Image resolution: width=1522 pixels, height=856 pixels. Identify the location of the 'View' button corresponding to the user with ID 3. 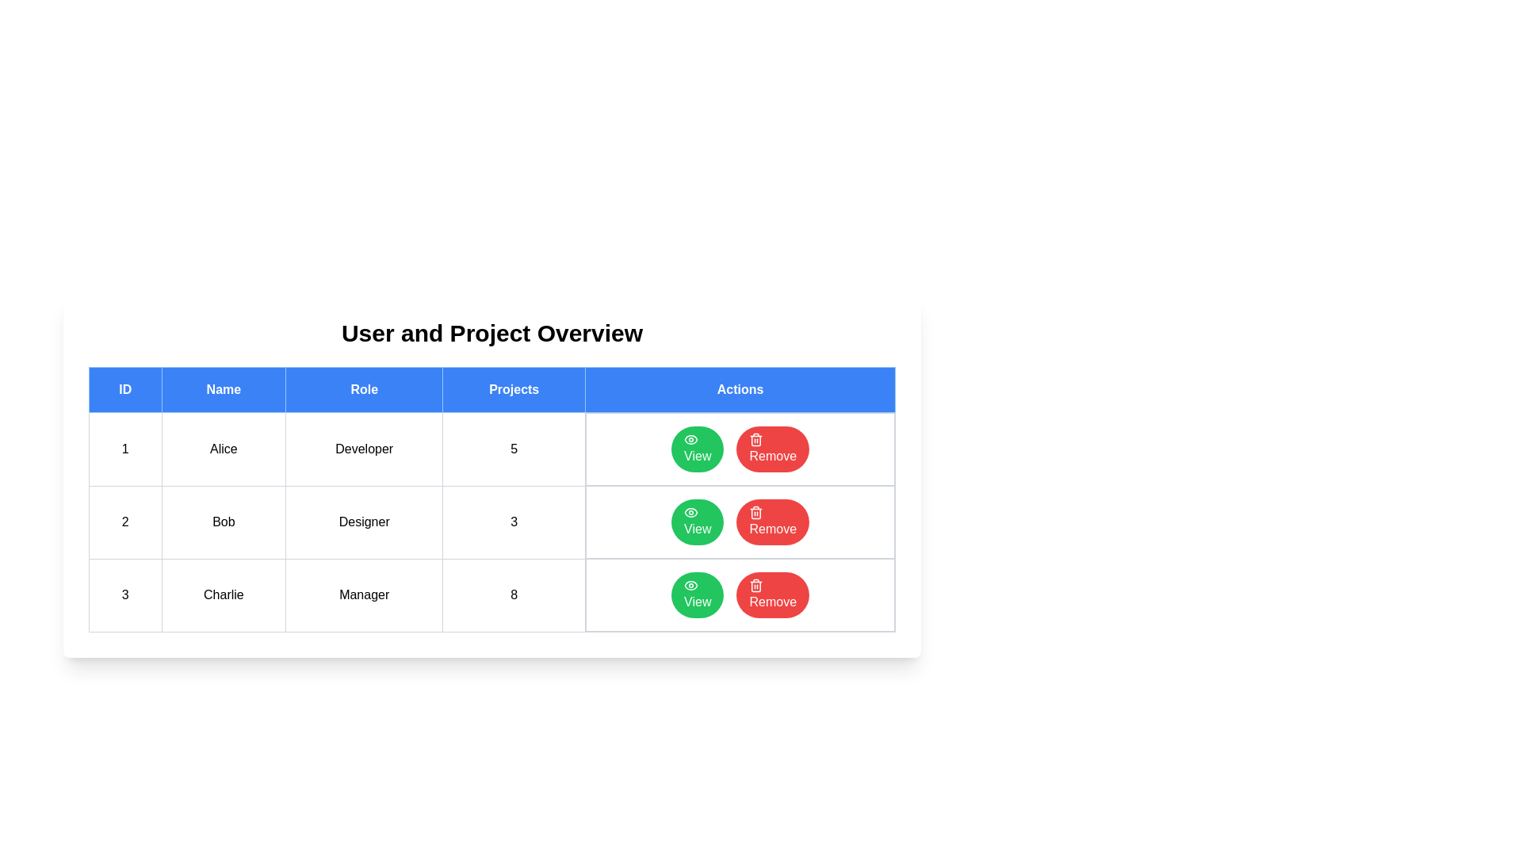
(698, 595).